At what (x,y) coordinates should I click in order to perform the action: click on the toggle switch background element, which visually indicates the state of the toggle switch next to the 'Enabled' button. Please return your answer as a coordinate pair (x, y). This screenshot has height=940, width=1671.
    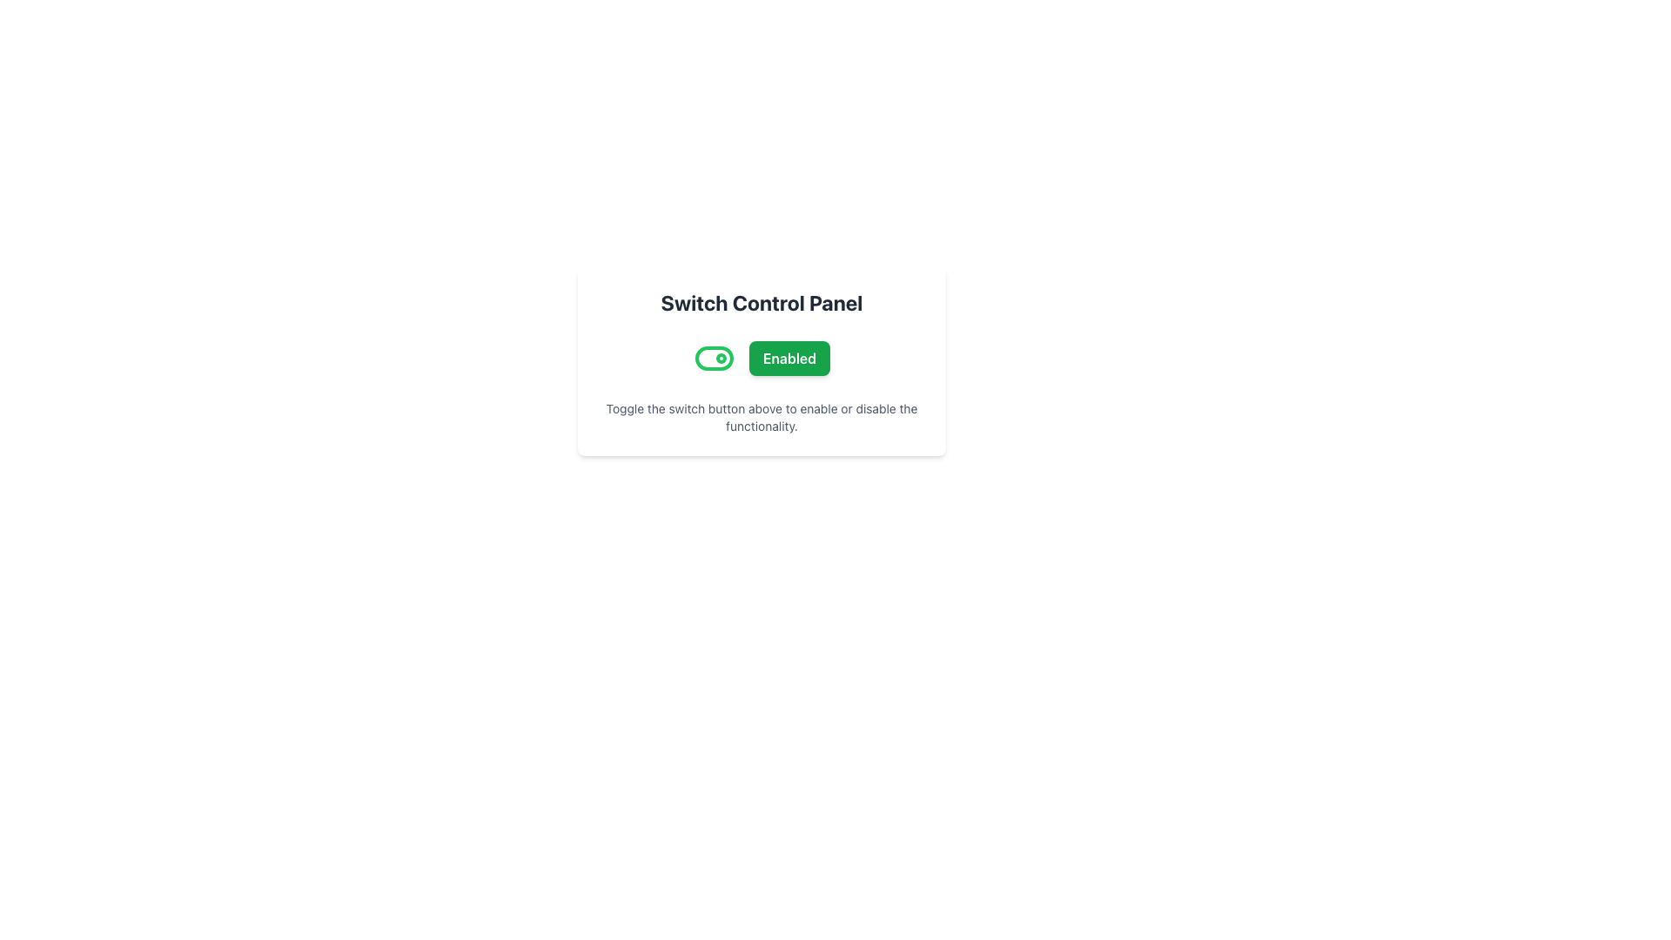
    Looking at the image, I should click on (714, 358).